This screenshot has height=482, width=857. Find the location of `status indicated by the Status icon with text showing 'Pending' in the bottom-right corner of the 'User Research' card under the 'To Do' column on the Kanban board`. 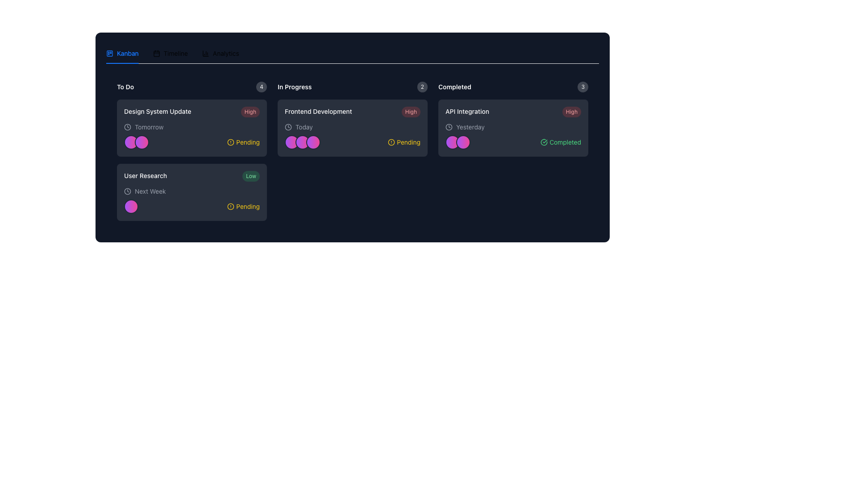

status indicated by the Status icon with text showing 'Pending' in the bottom-right corner of the 'User Research' card under the 'To Do' column on the Kanban board is located at coordinates (243, 206).